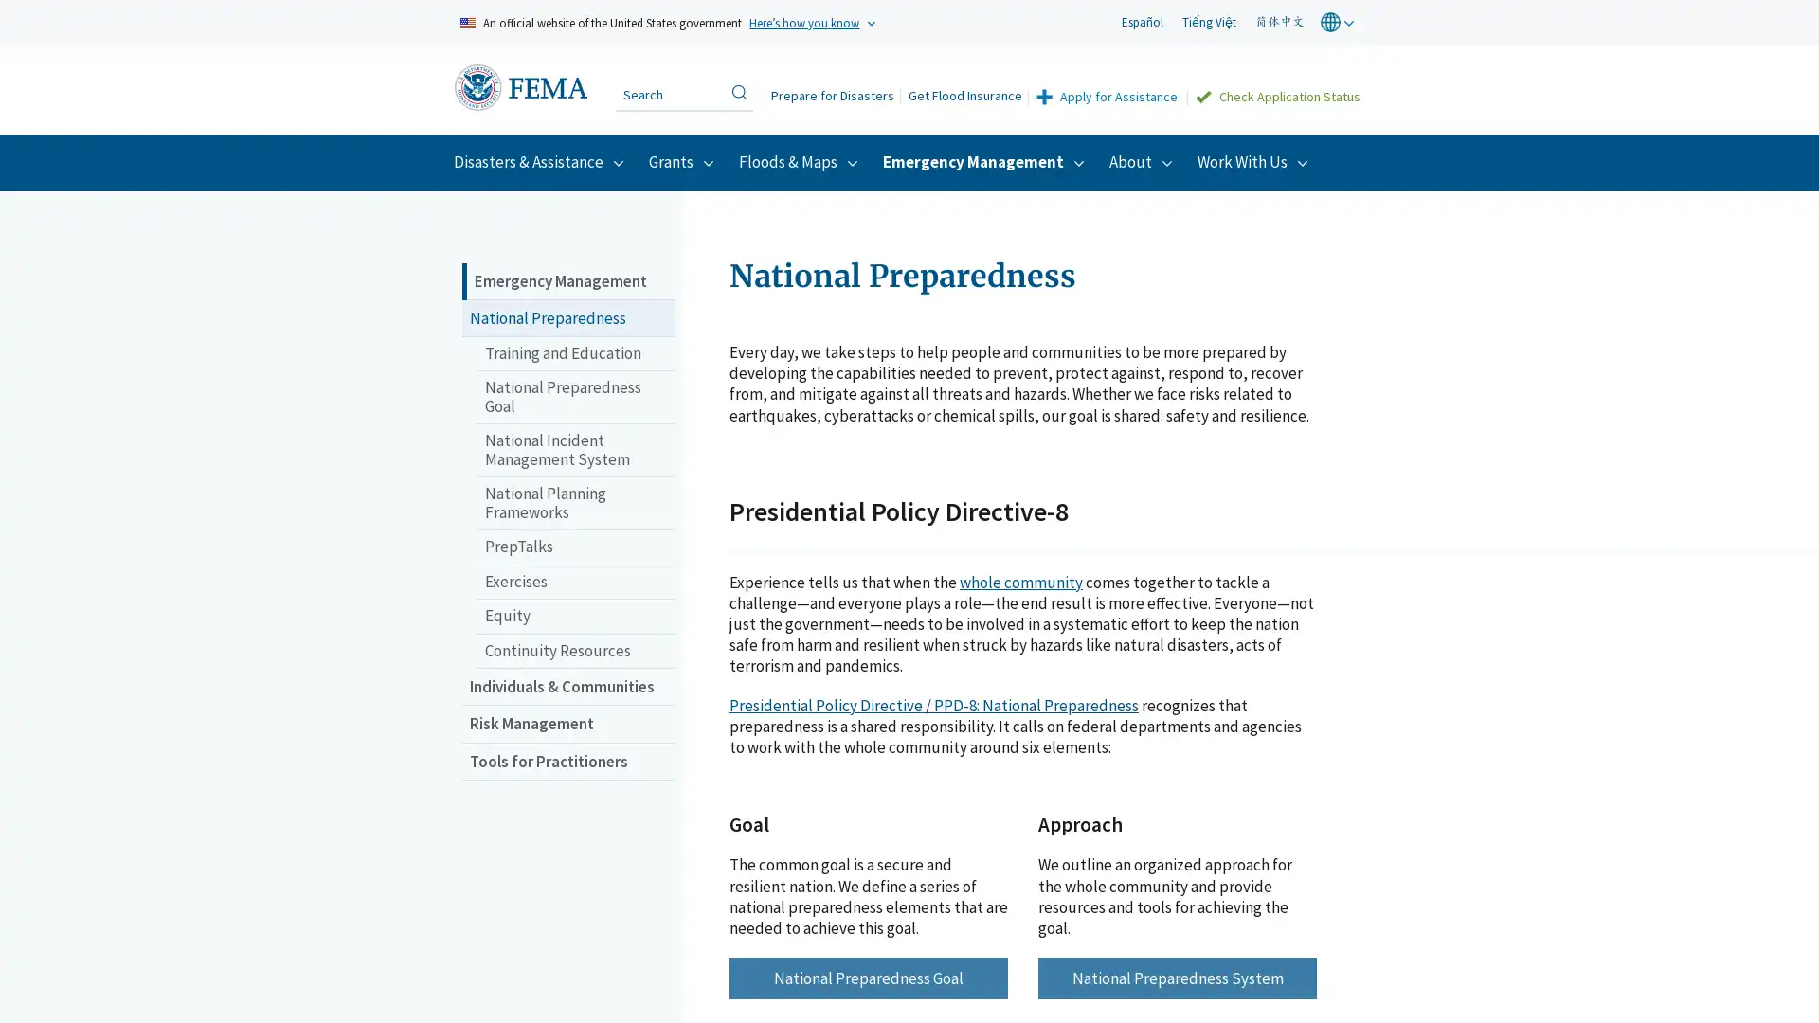 Image resolution: width=1819 pixels, height=1023 pixels. Describe the element at coordinates (1143, 160) in the screenshot. I see `About` at that location.